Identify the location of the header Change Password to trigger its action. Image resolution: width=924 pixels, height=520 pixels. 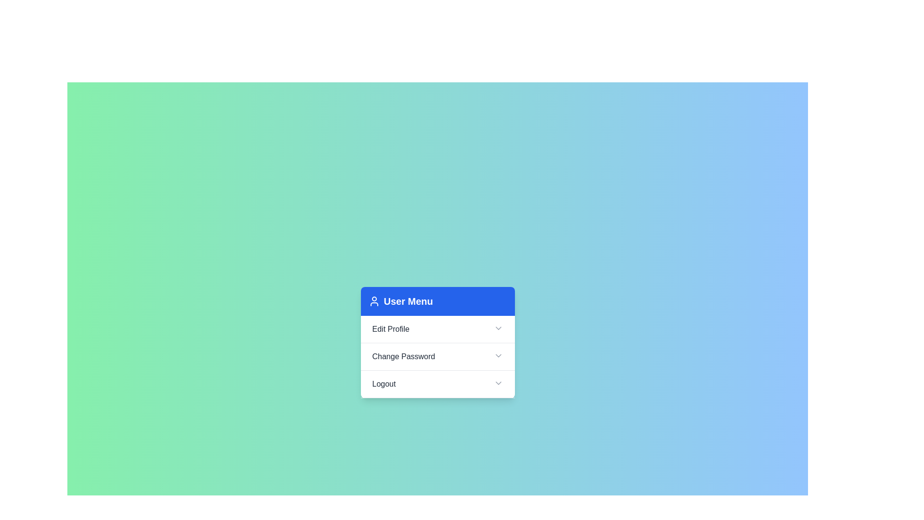
(437, 356).